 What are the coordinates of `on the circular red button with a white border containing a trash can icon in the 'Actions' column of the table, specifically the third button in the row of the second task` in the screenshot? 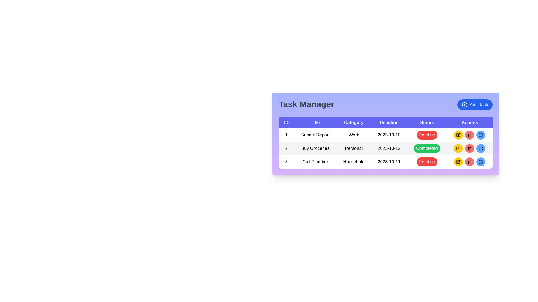 It's located at (470, 148).